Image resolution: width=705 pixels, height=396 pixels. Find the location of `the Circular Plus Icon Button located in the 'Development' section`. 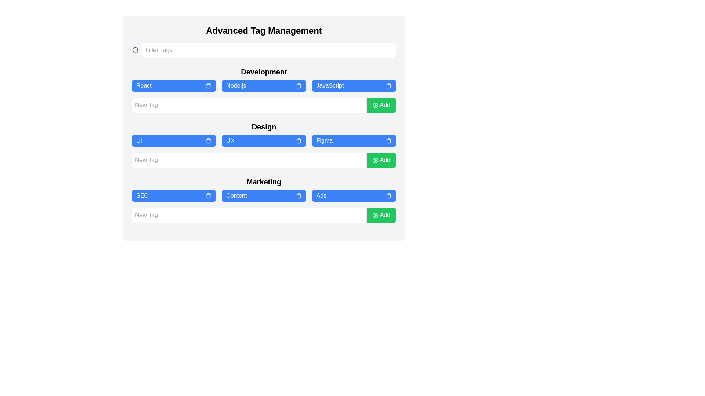

the Circular Plus Icon Button located in the 'Development' section is located at coordinates (375, 105).